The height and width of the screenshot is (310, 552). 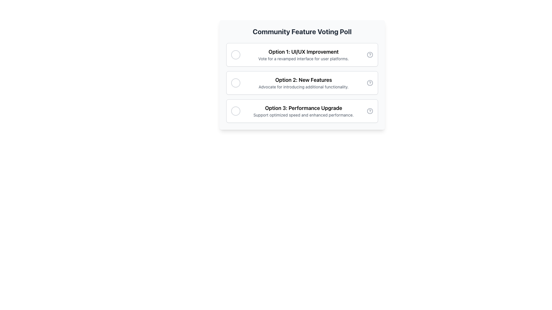 I want to click on information from the text label displaying 'Advocate for introducing additional functionality.' located beneath 'Option 2: New Features', so click(x=303, y=87).